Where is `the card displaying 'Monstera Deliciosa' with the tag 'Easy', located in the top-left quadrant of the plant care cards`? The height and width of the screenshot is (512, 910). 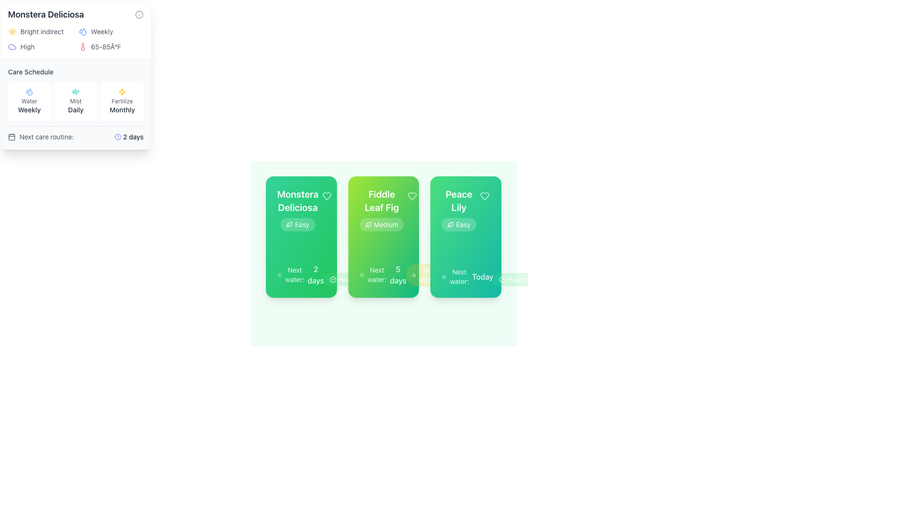
the card displaying 'Monstera Deliciosa' with the tag 'Easy', located in the top-left quadrant of the plant care cards is located at coordinates (300, 209).